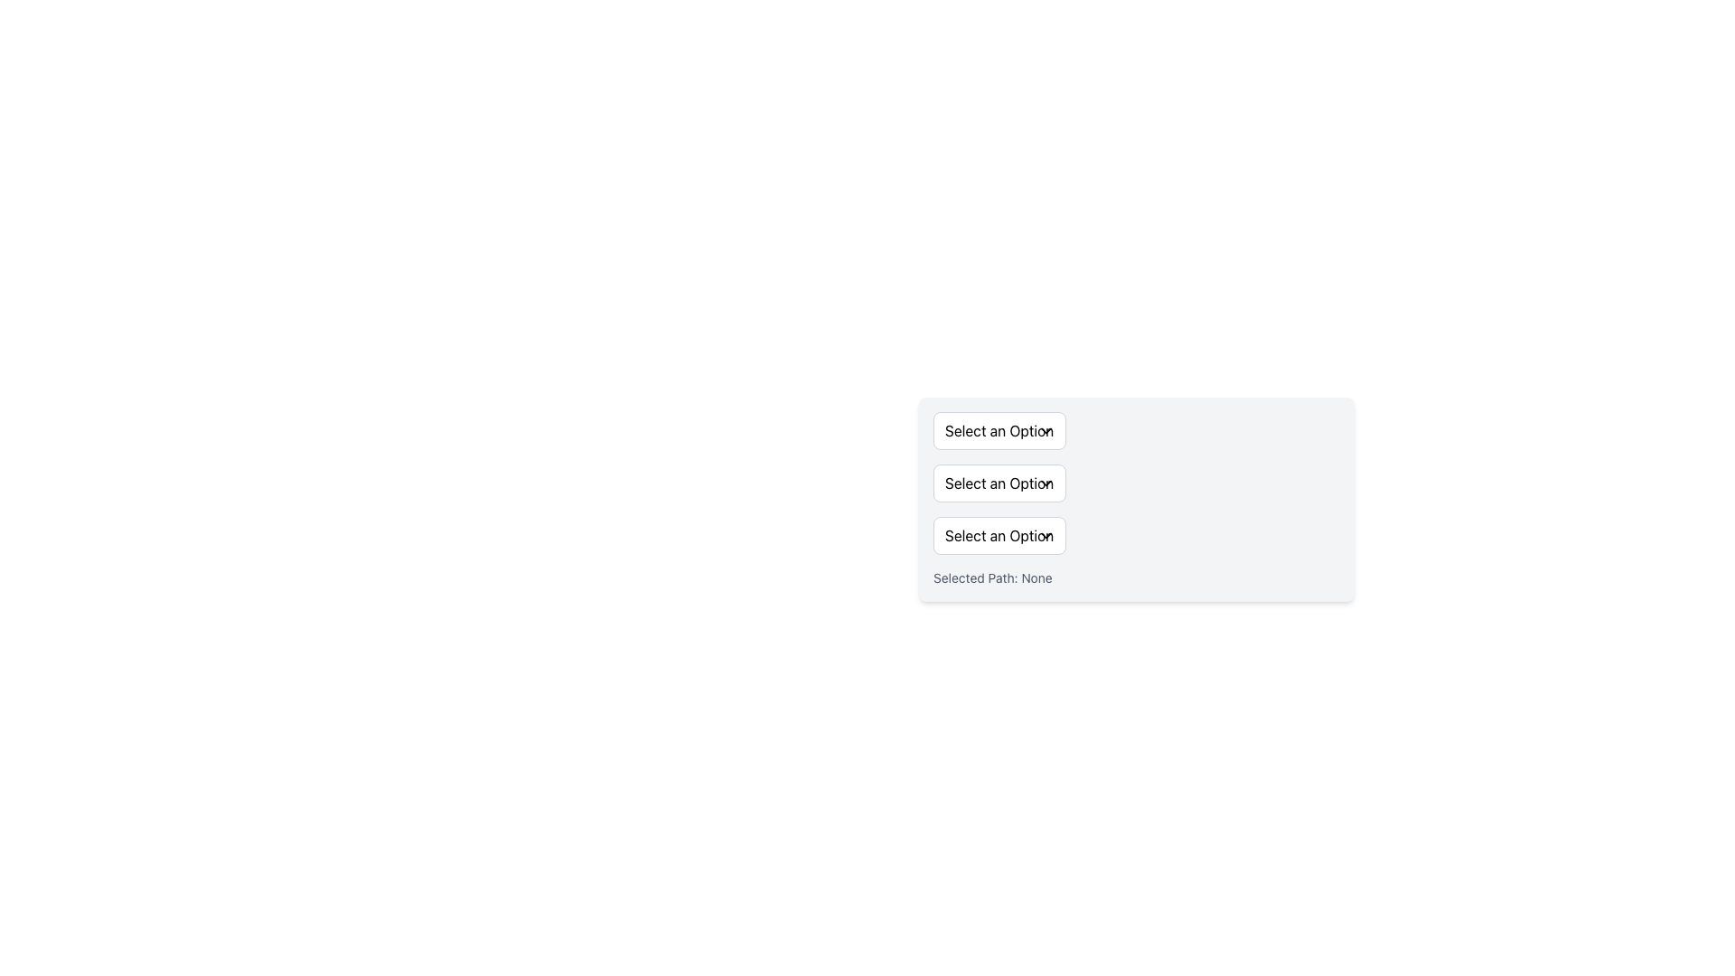  I want to click on the third dropdown menu trigger located below the 'Select an Option' buttons, so click(999, 535).